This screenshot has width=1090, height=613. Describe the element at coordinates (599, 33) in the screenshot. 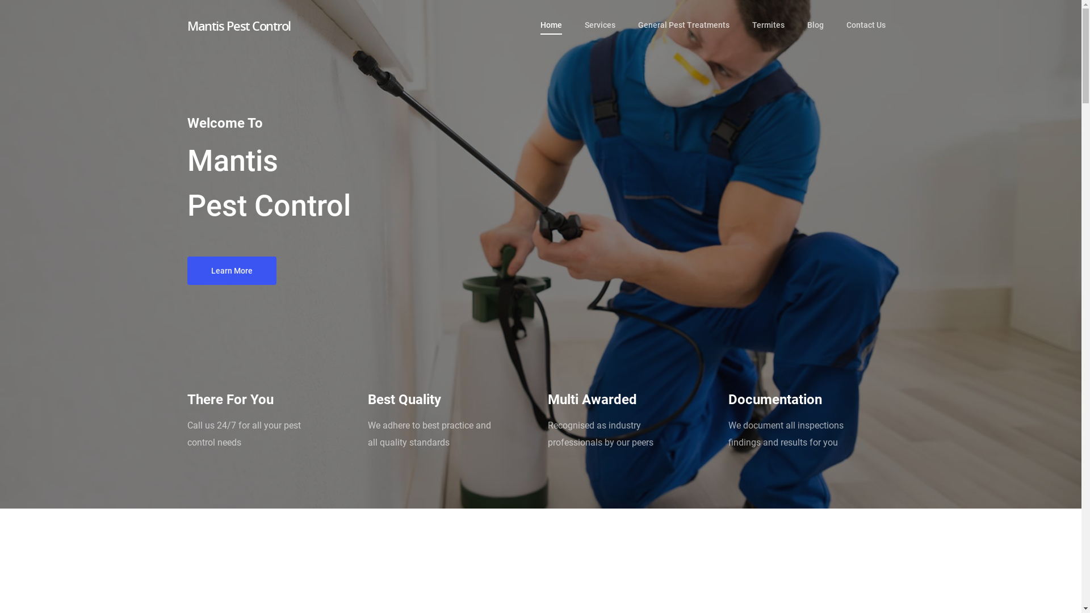

I see `'Services'` at that location.